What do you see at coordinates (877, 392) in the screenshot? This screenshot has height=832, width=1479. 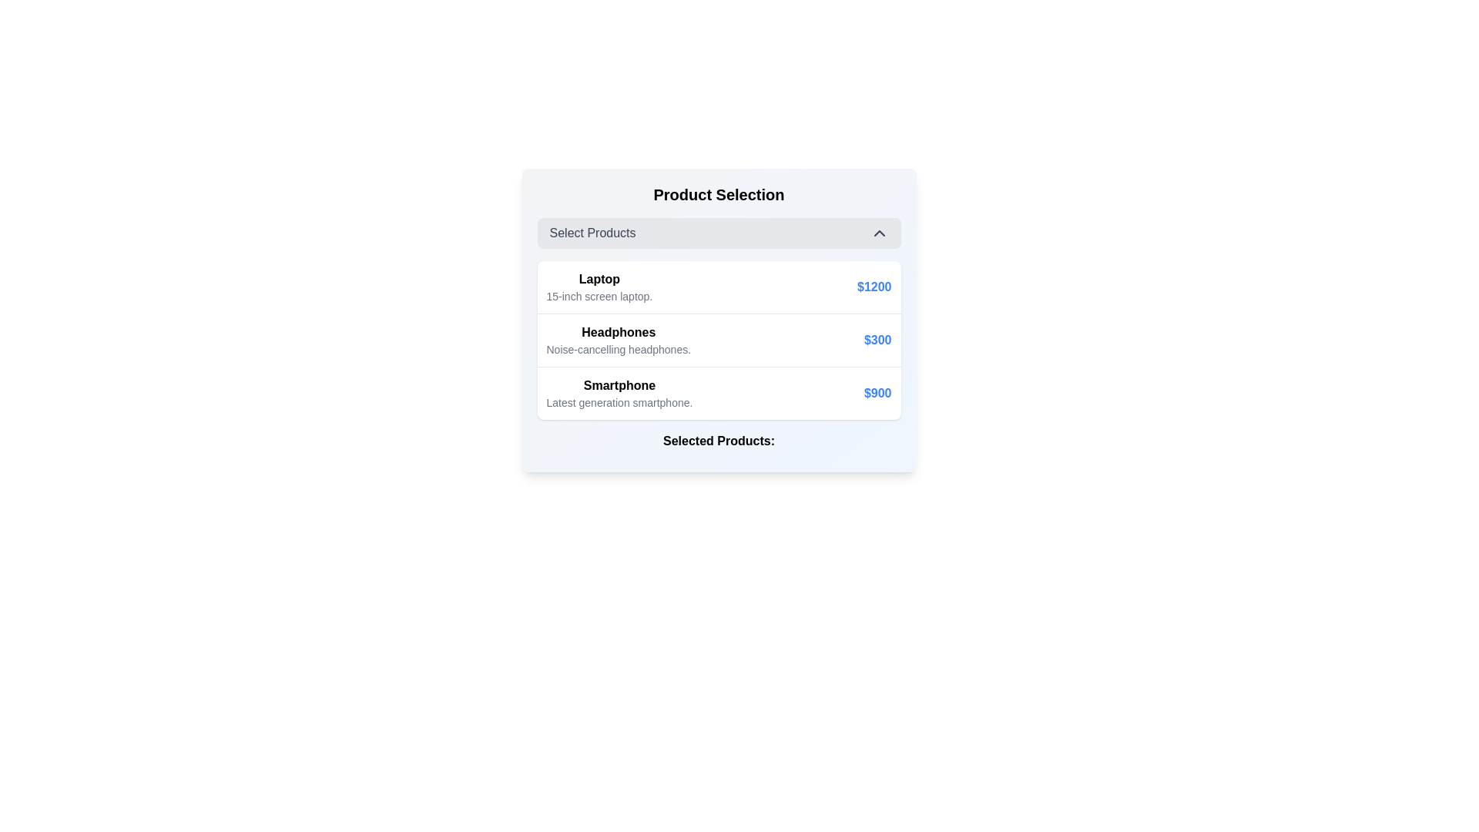 I see `the price label element displaying the smartphone product's cost, located on the right side of the product description` at bounding box center [877, 392].